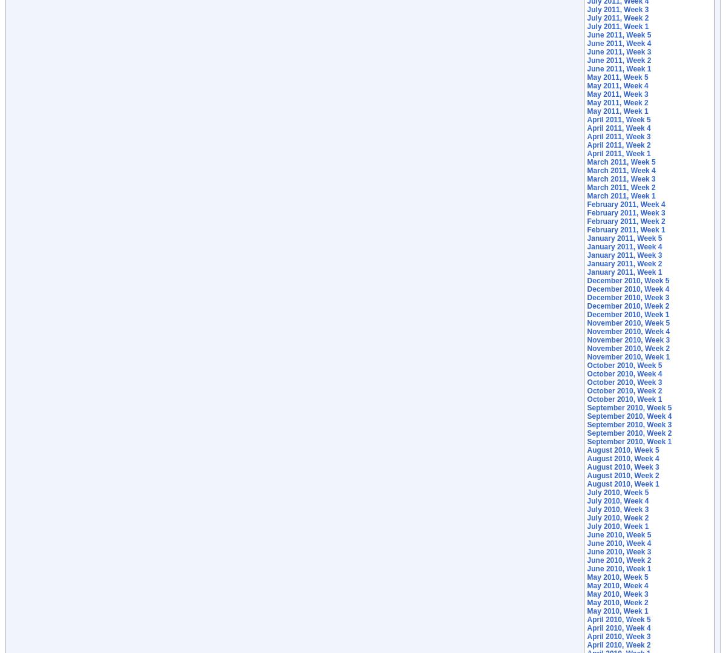  Describe the element at coordinates (629, 408) in the screenshot. I see `'September 2010, Week 5'` at that location.